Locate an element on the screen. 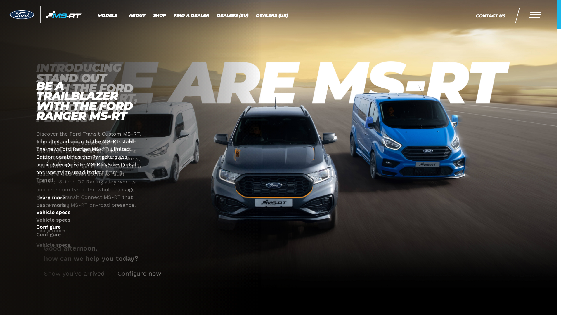 This screenshot has height=315, width=561. 'Vehicle specs' is located at coordinates (53, 245).